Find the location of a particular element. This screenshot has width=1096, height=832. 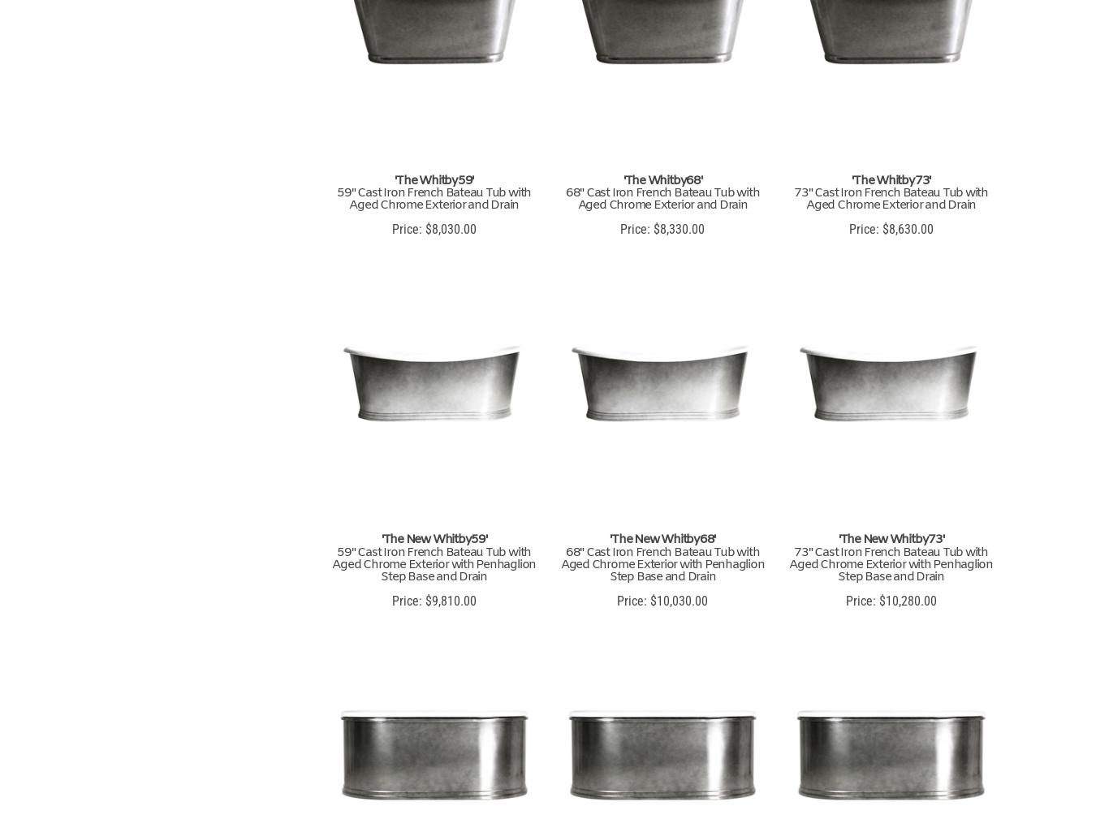

'73" Cast Iron French Bateau Tub with Aged Chrome Exterior with Penhaglion Step Base and Drain' is located at coordinates (891, 564).